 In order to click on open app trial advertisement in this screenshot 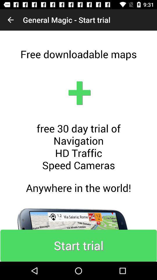, I will do `click(78, 146)`.